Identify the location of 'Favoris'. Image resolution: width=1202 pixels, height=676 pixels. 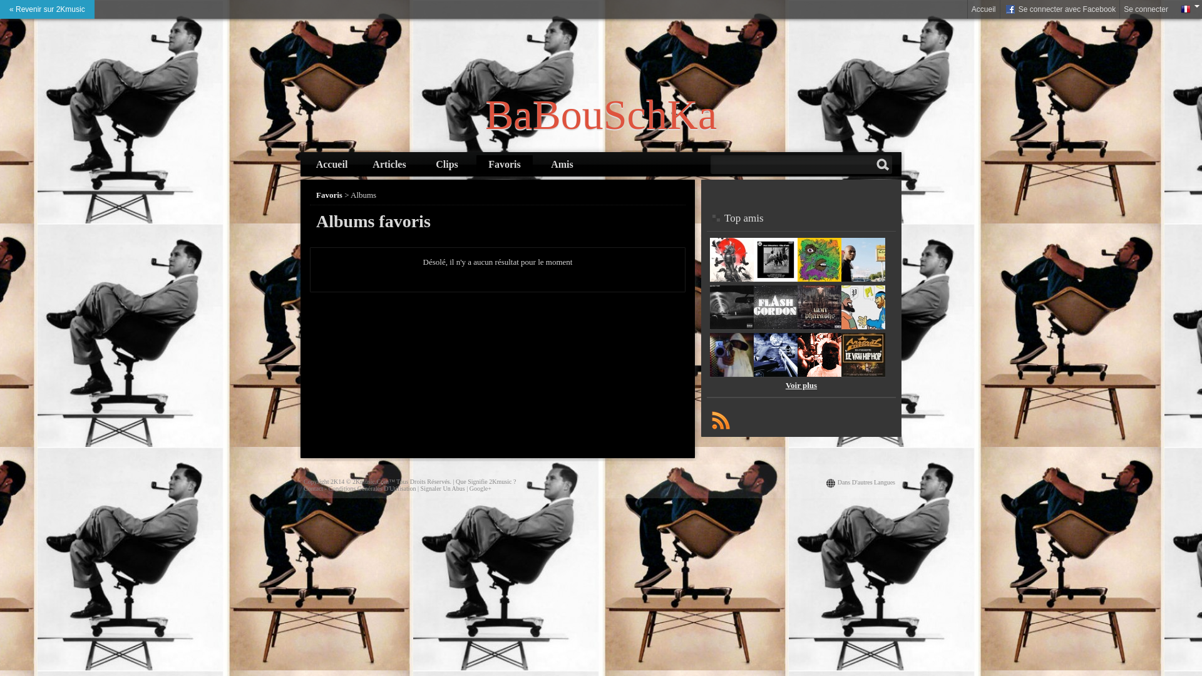
(329, 195).